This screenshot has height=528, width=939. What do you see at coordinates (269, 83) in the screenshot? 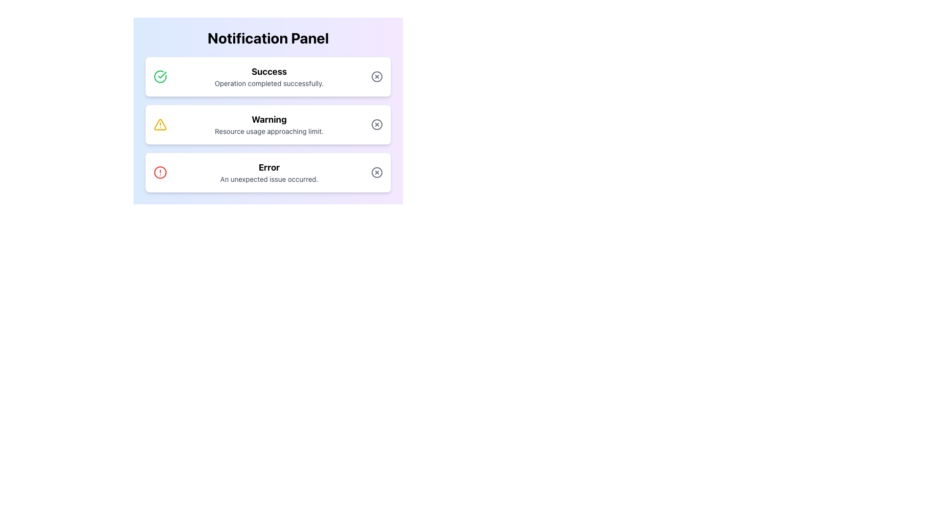
I see `the static text element displaying 'Operation completed successfully.' which is styled with gray color and smaller font size, located below the 'Success' title in the notification panel` at bounding box center [269, 83].